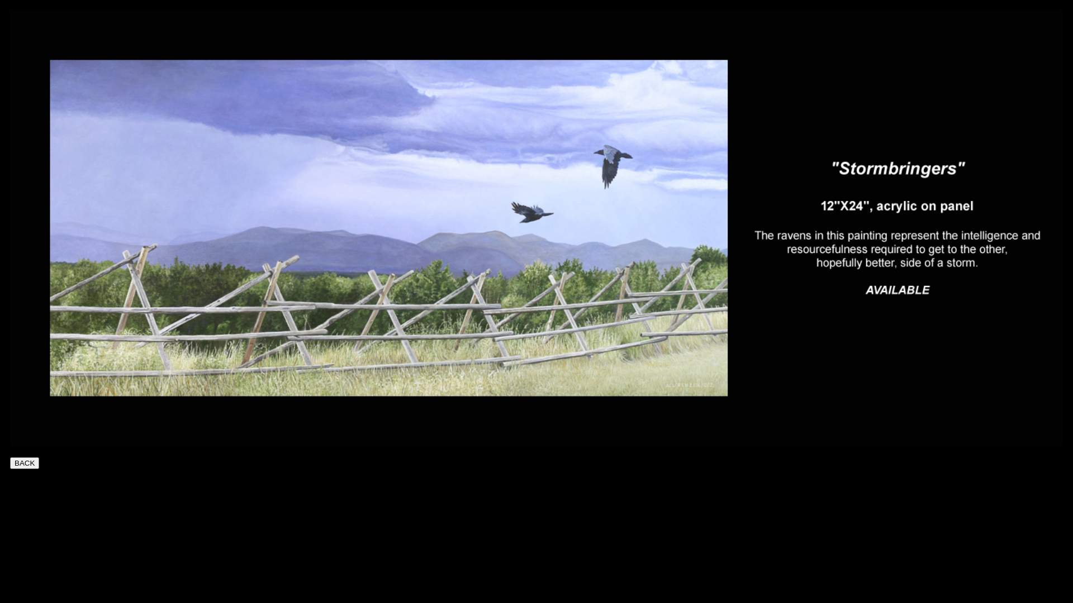 Image resolution: width=1073 pixels, height=603 pixels. Describe the element at coordinates (24, 463) in the screenshot. I see `'BACK'` at that location.